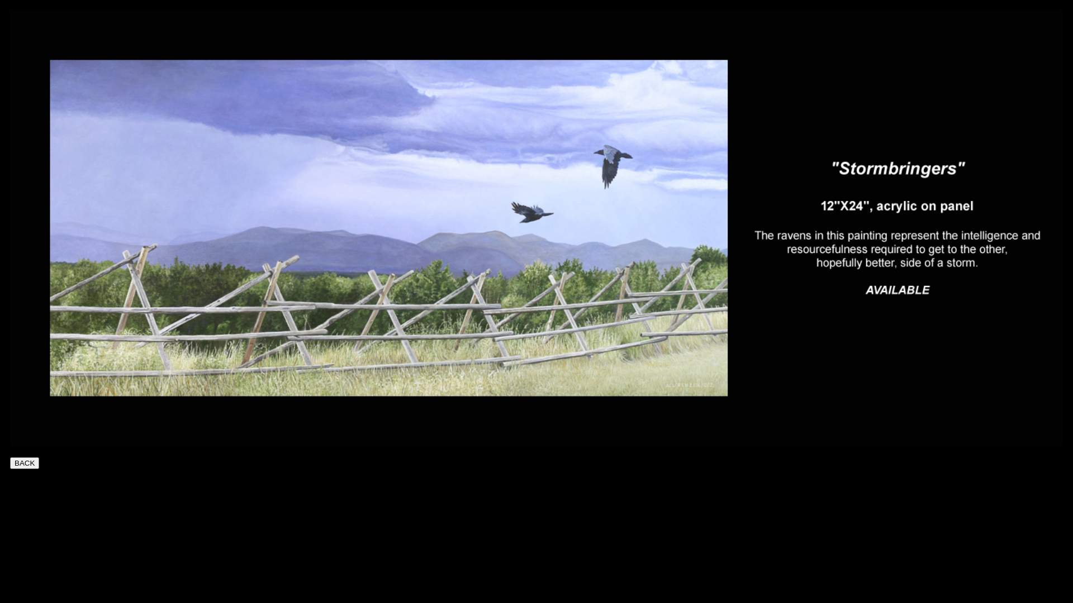 Image resolution: width=1073 pixels, height=603 pixels. Describe the element at coordinates (24, 463) in the screenshot. I see `'BACK'` at that location.